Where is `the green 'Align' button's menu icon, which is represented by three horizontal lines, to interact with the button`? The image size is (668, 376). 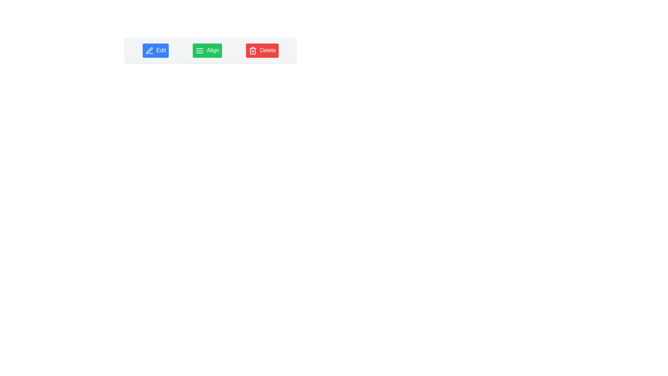
the green 'Align' button's menu icon, which is represented by three horizontal lines, to interact with the button is located at coordinates (199, 50).